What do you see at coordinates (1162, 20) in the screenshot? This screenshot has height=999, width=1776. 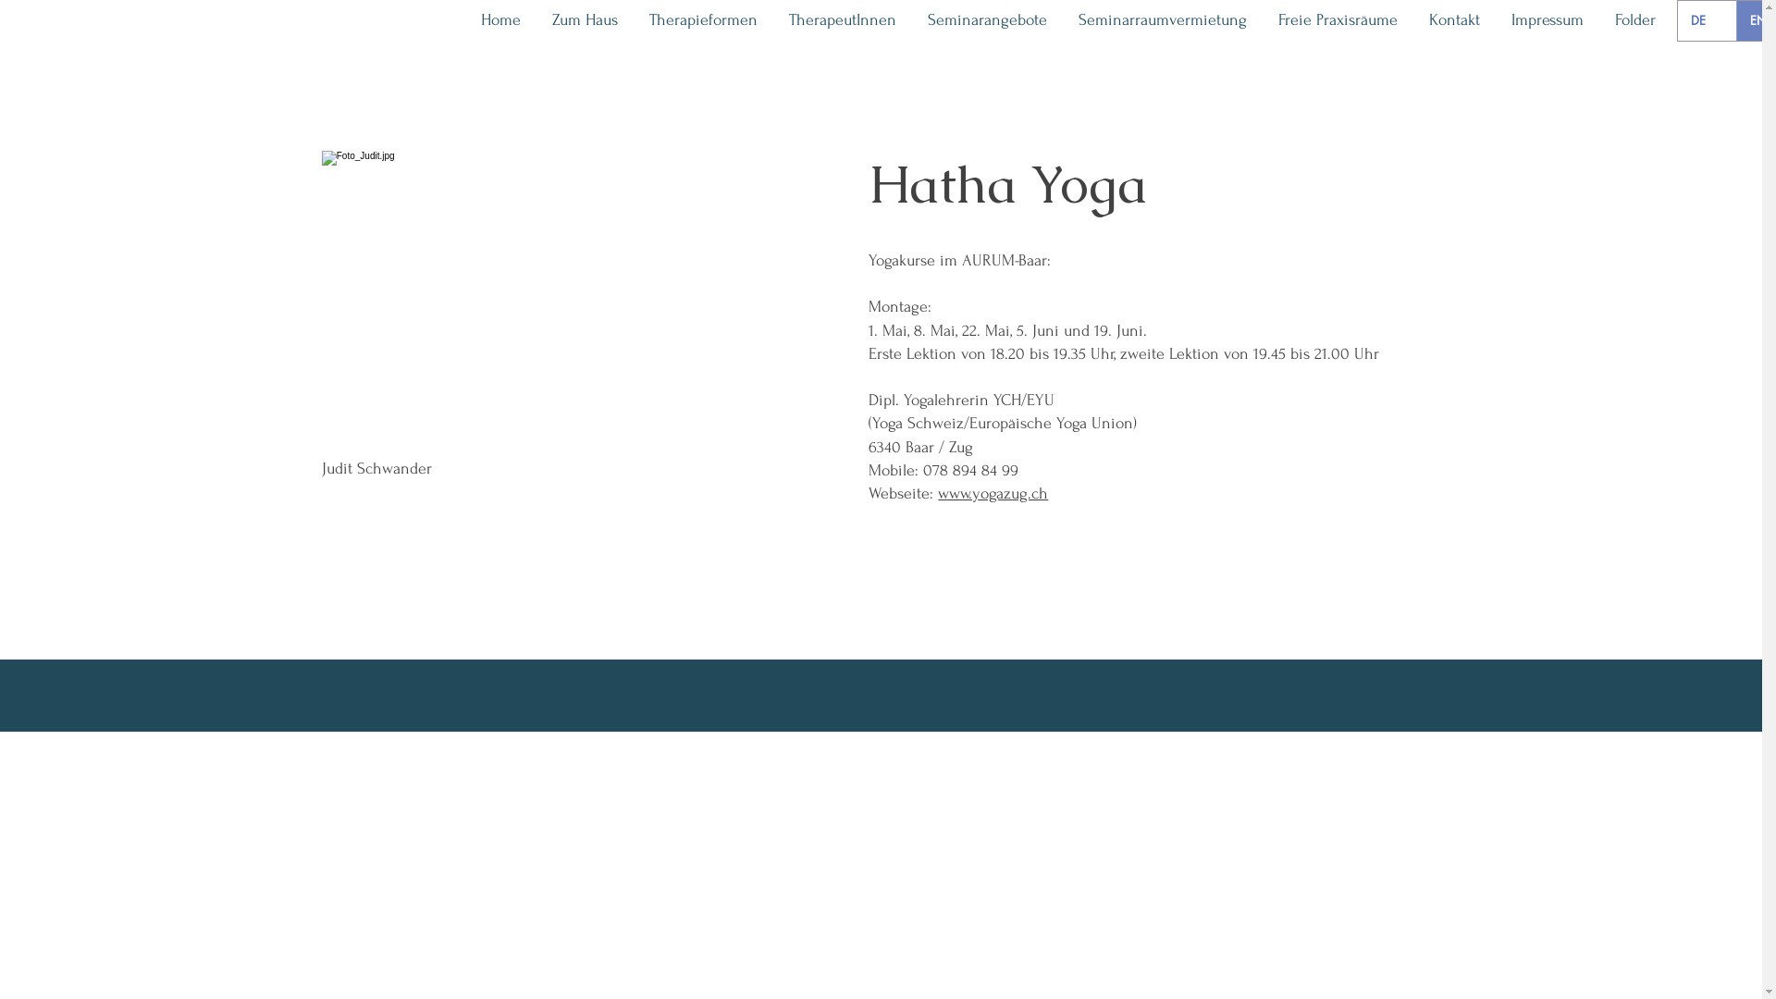 I see `'Seminarraumvermietung'` at bounding box center [1162, 20].